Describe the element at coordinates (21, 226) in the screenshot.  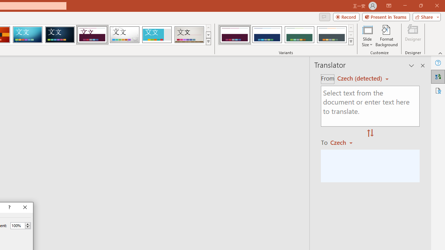
I see `'Percent'` at that location.